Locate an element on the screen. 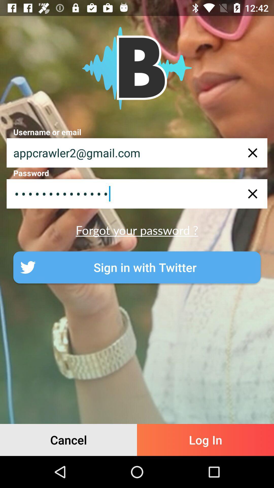 This screenshot has height=488, width=274. the appcrawler3116 is located at coordinates (137, 193).